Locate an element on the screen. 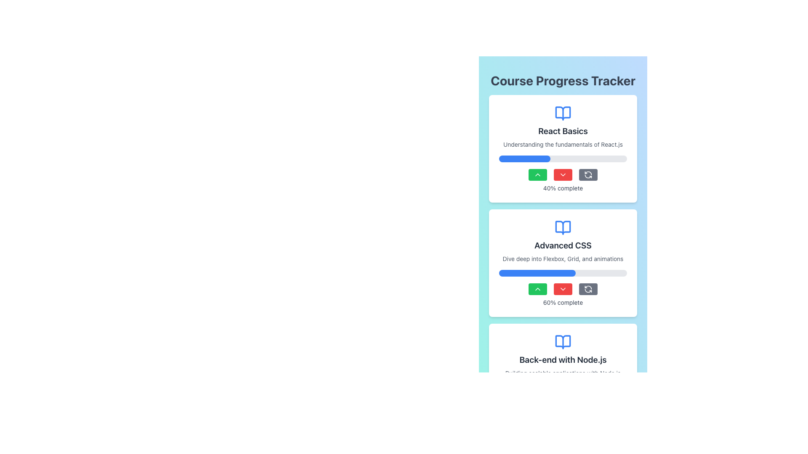 The width and height of the screenshot is (808, 454). the book icon representing the 'Back-end with Node.js' course, located at the top-center of the card is located at coordinates (563, 342).